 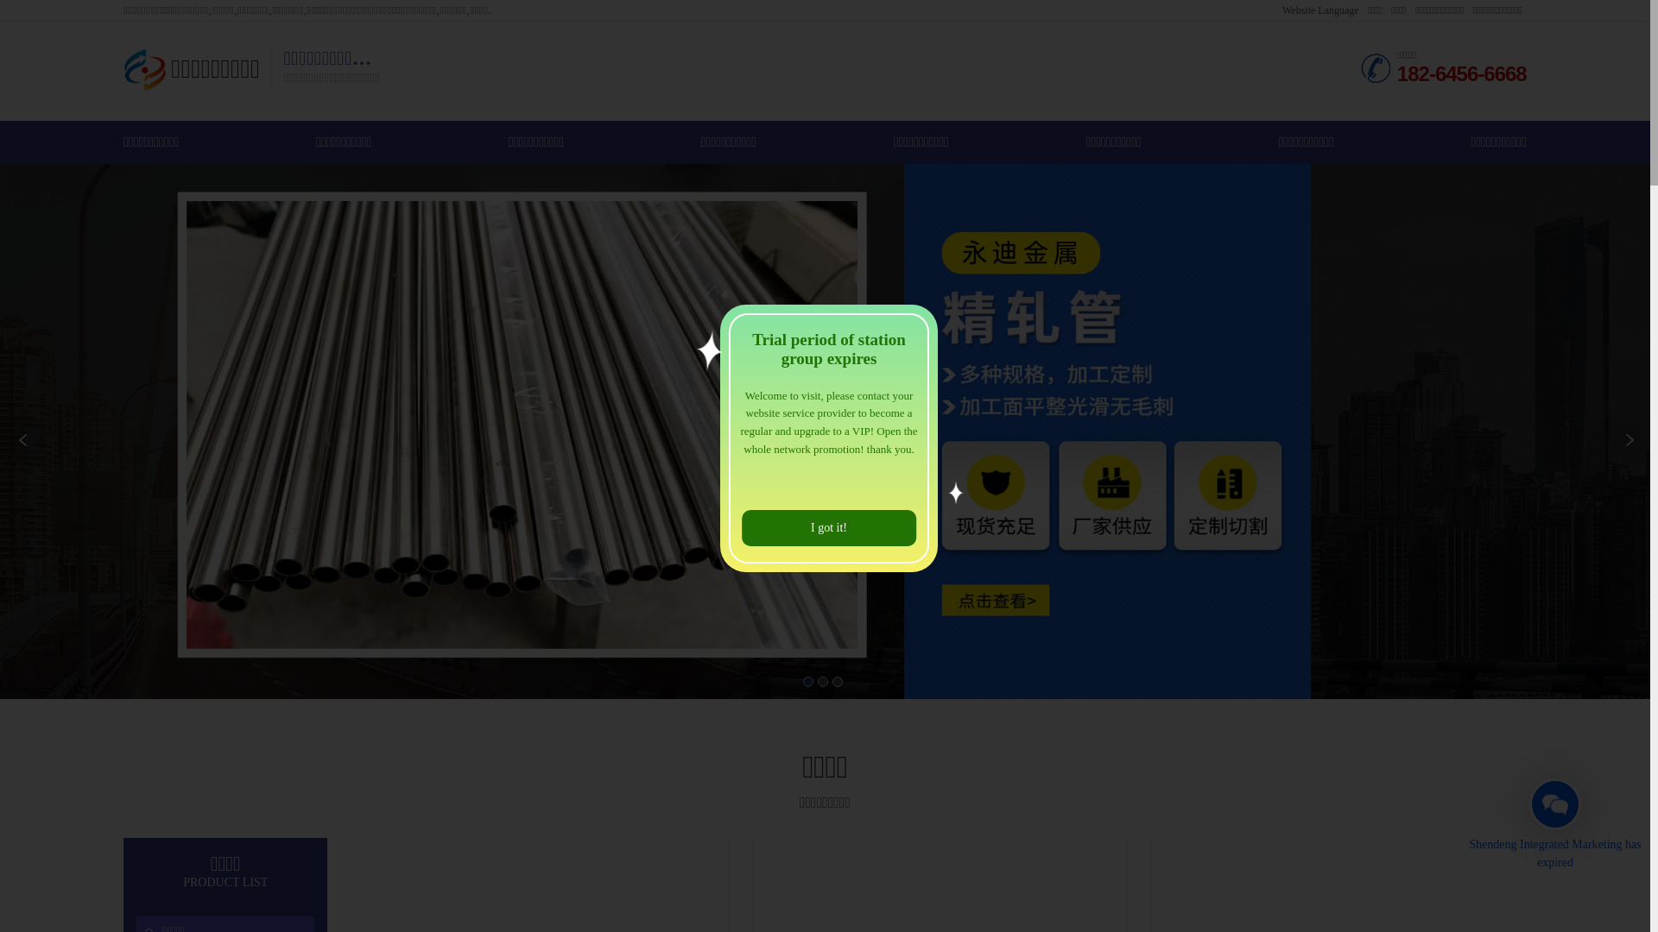 I want to click on 'I got it!', so click(x=742, y=527).